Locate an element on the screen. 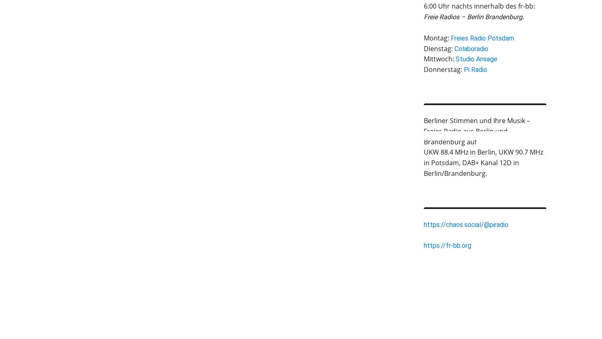 This screenshot has width=602, height=339. 'https://fr-bb.org' is located at coordinates (447, 245).